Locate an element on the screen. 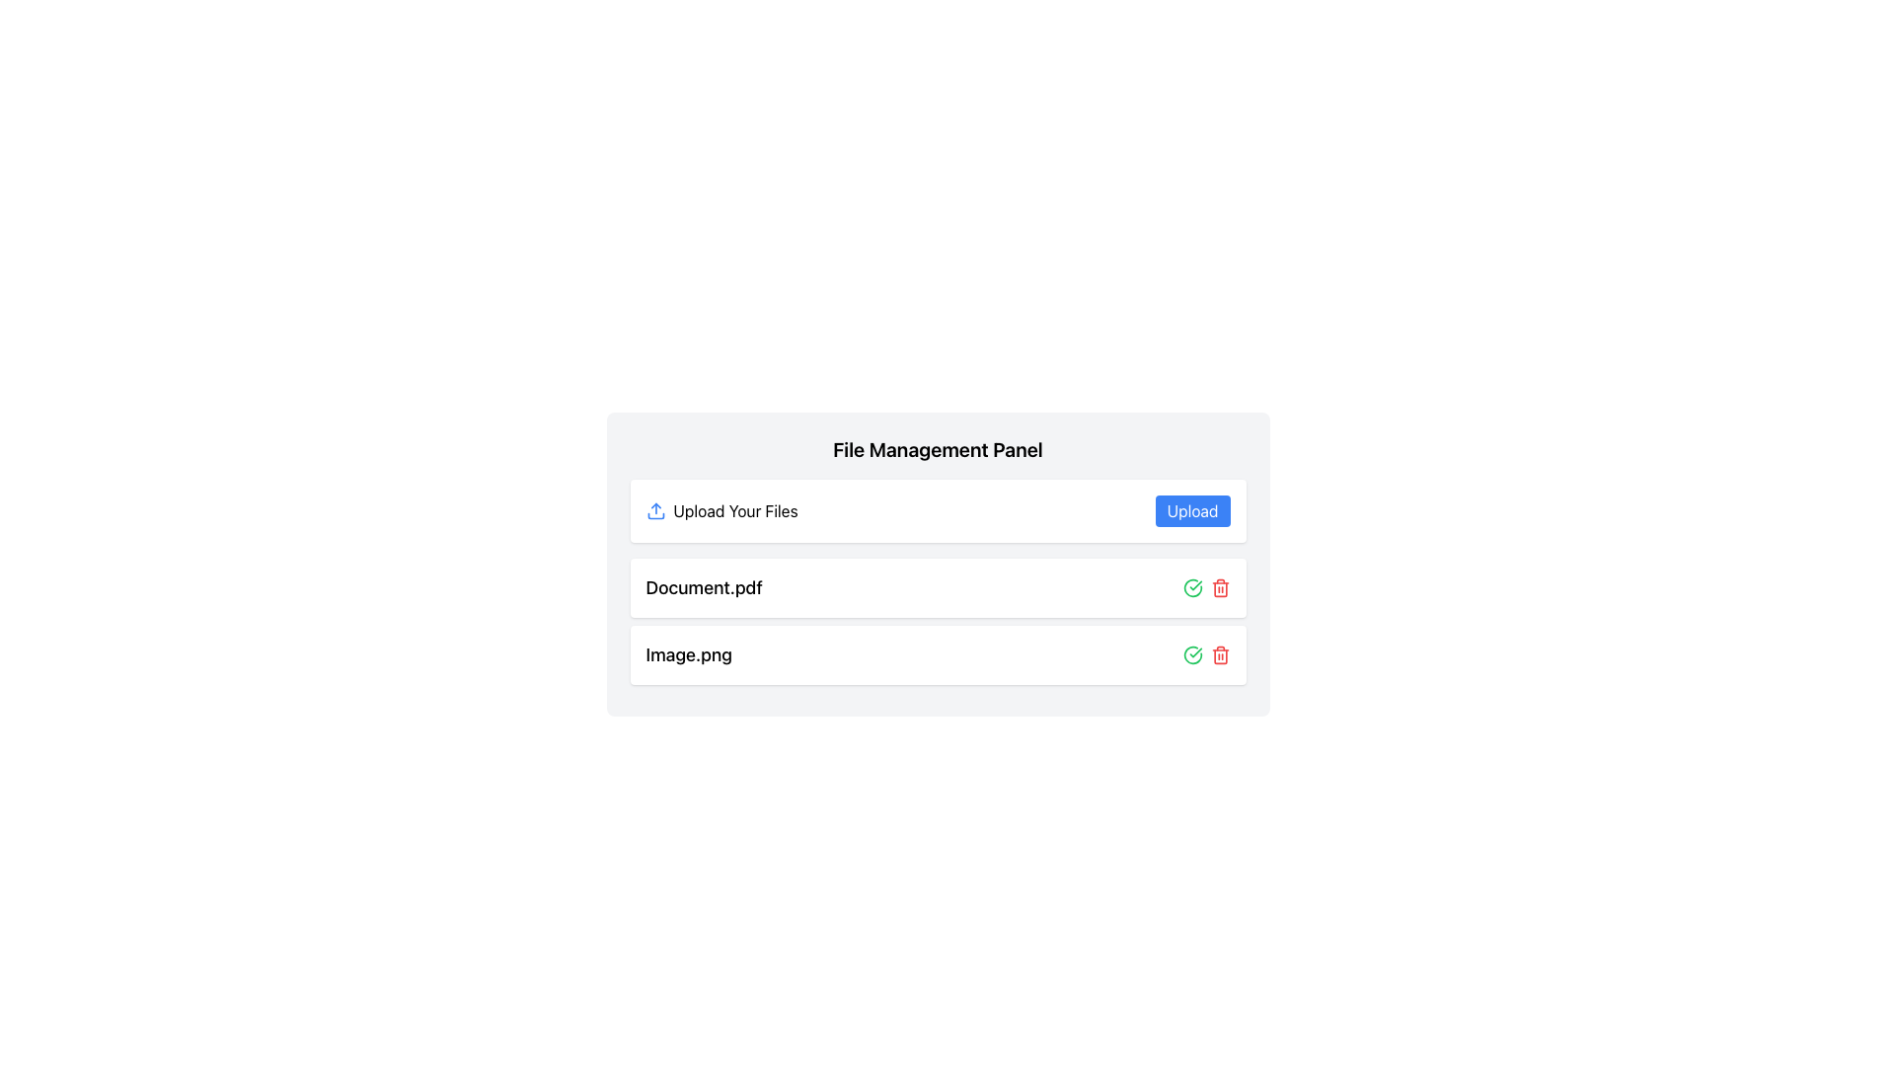  the status confirmation icon indicating a successful operation for the file entry 'Image.png', located to the right of the list entry is located at coordinates (1191, 587).